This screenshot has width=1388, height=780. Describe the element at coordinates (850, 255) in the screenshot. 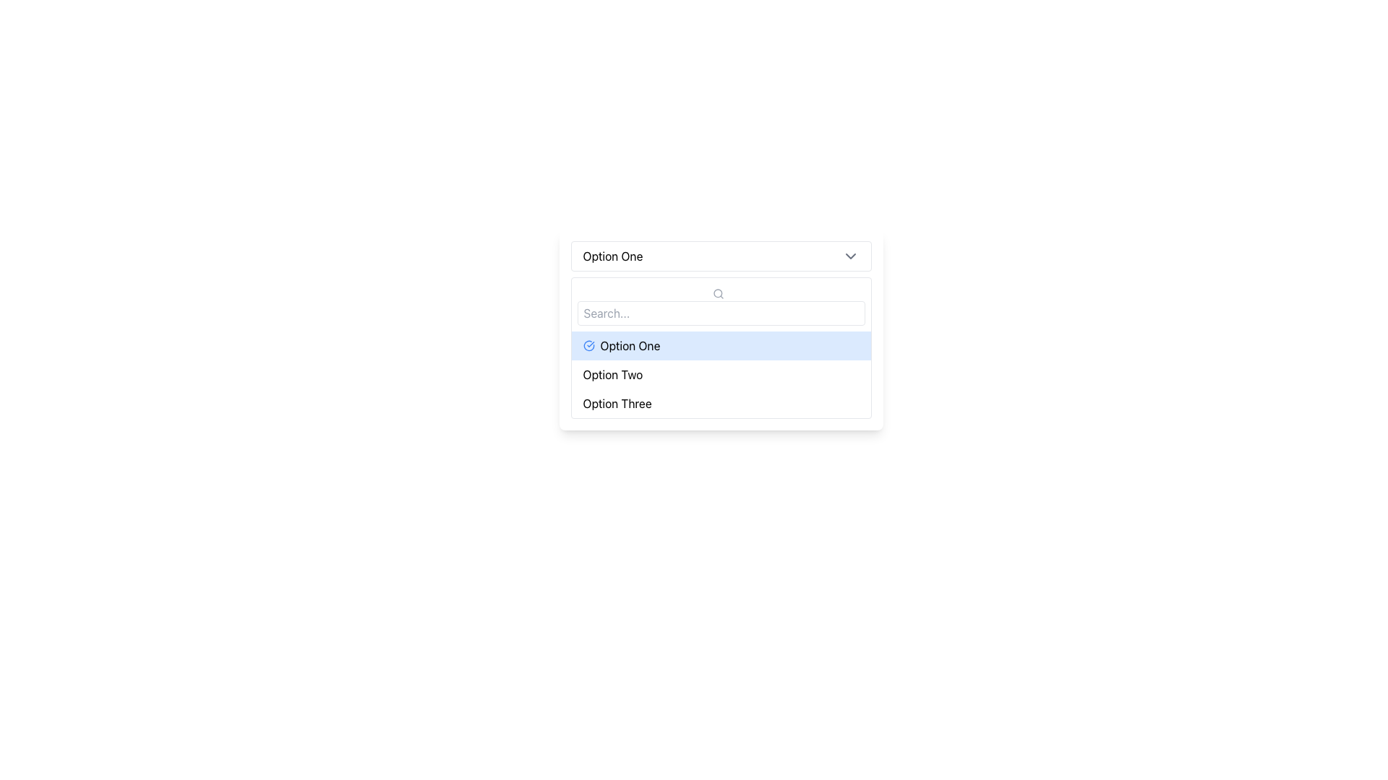

I see `the arrow icon located on the right side of the 'Option One' text, which indicates that it will reveal or collapse a dropdown menu` at that location.